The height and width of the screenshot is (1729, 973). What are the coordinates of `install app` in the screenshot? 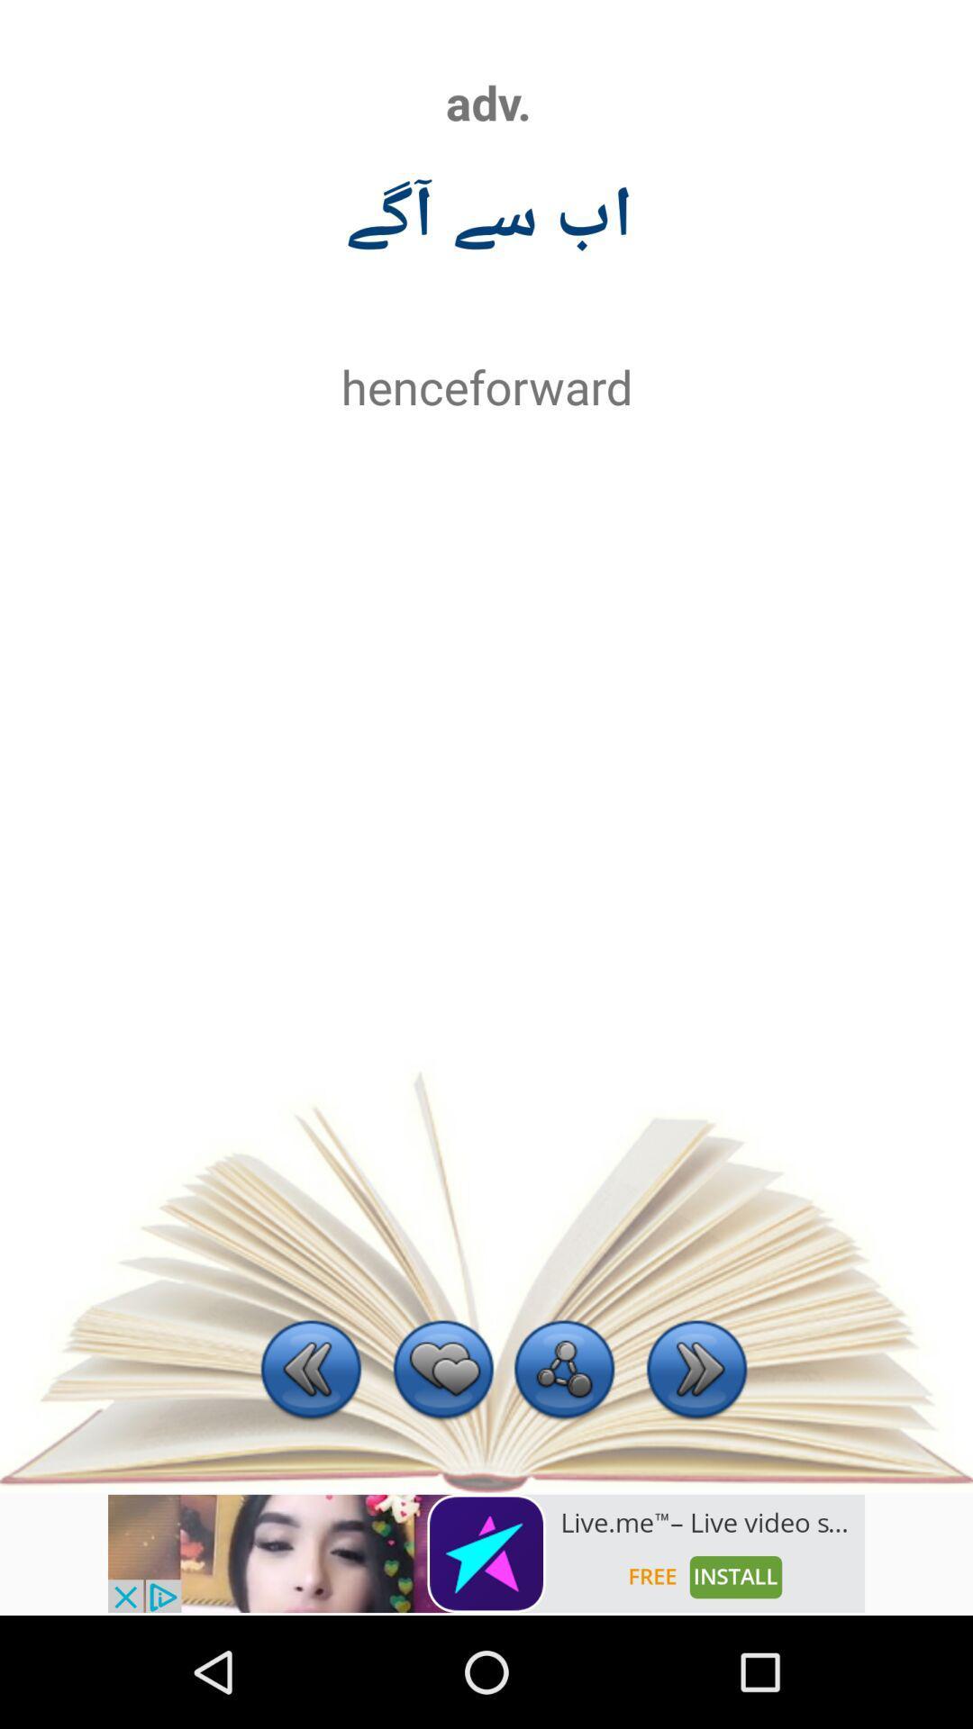 It's located at (486, 1552).